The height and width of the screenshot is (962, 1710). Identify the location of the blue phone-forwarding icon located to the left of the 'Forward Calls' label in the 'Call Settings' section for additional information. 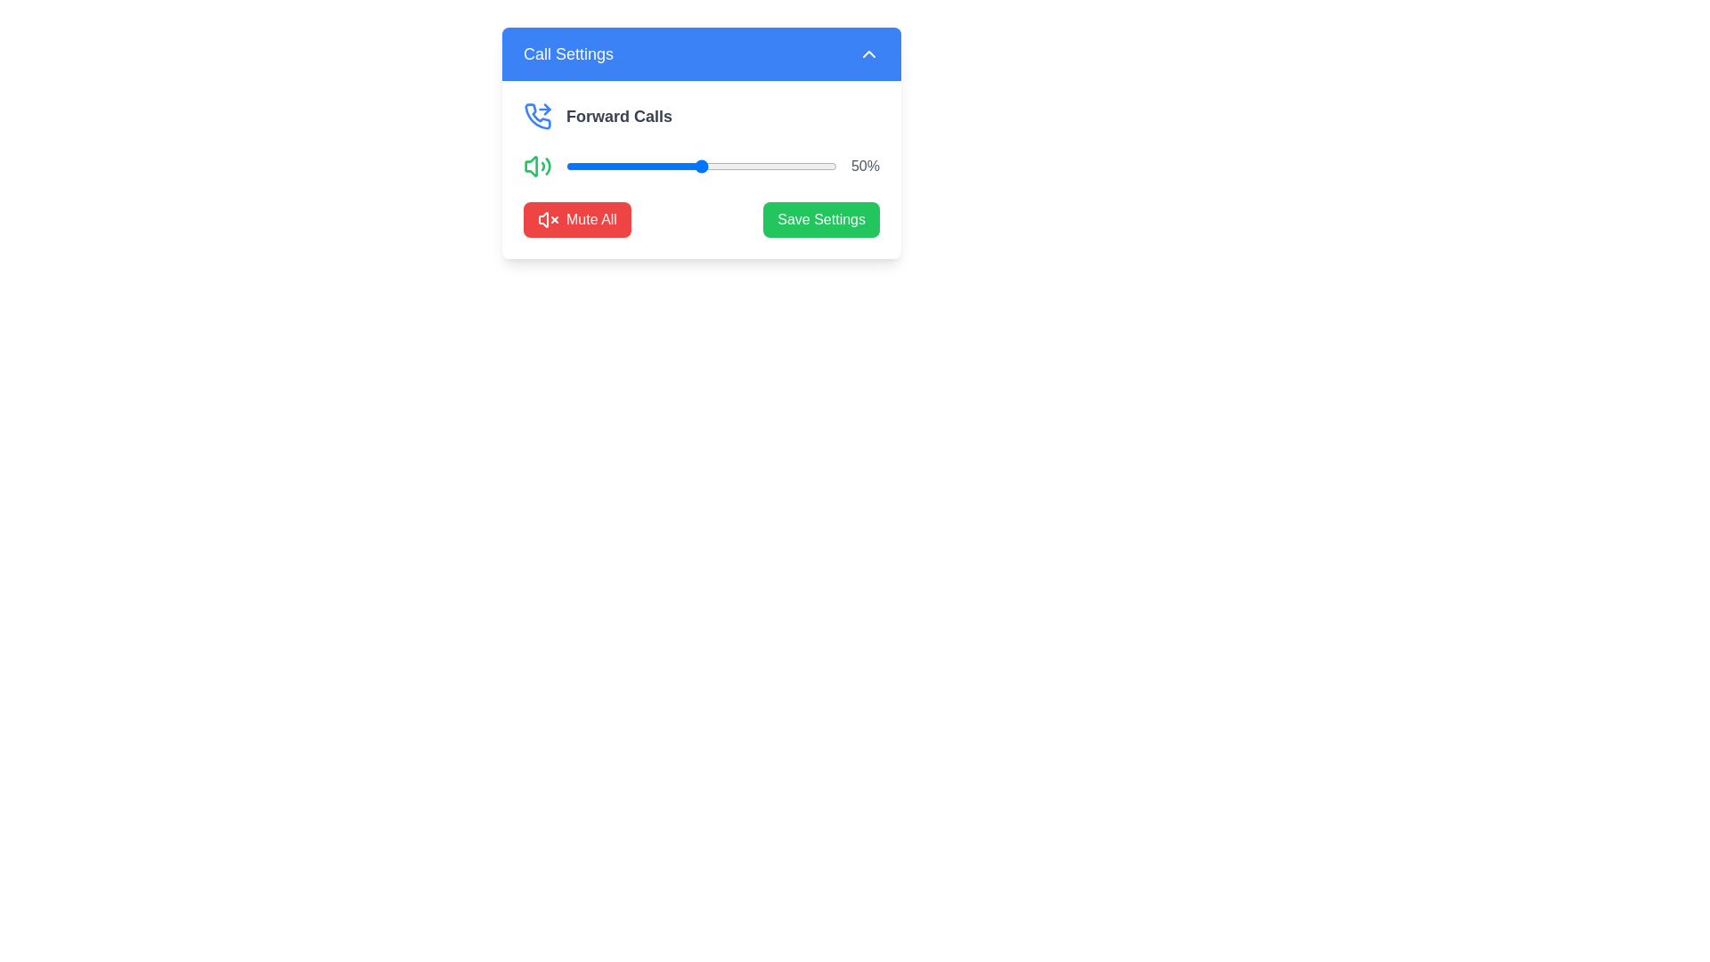
(537, 117).